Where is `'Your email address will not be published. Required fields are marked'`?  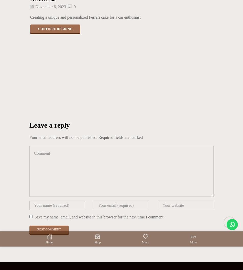
'Your email address will not be published. Required fields are marked' is located at coordinates (86, 137).